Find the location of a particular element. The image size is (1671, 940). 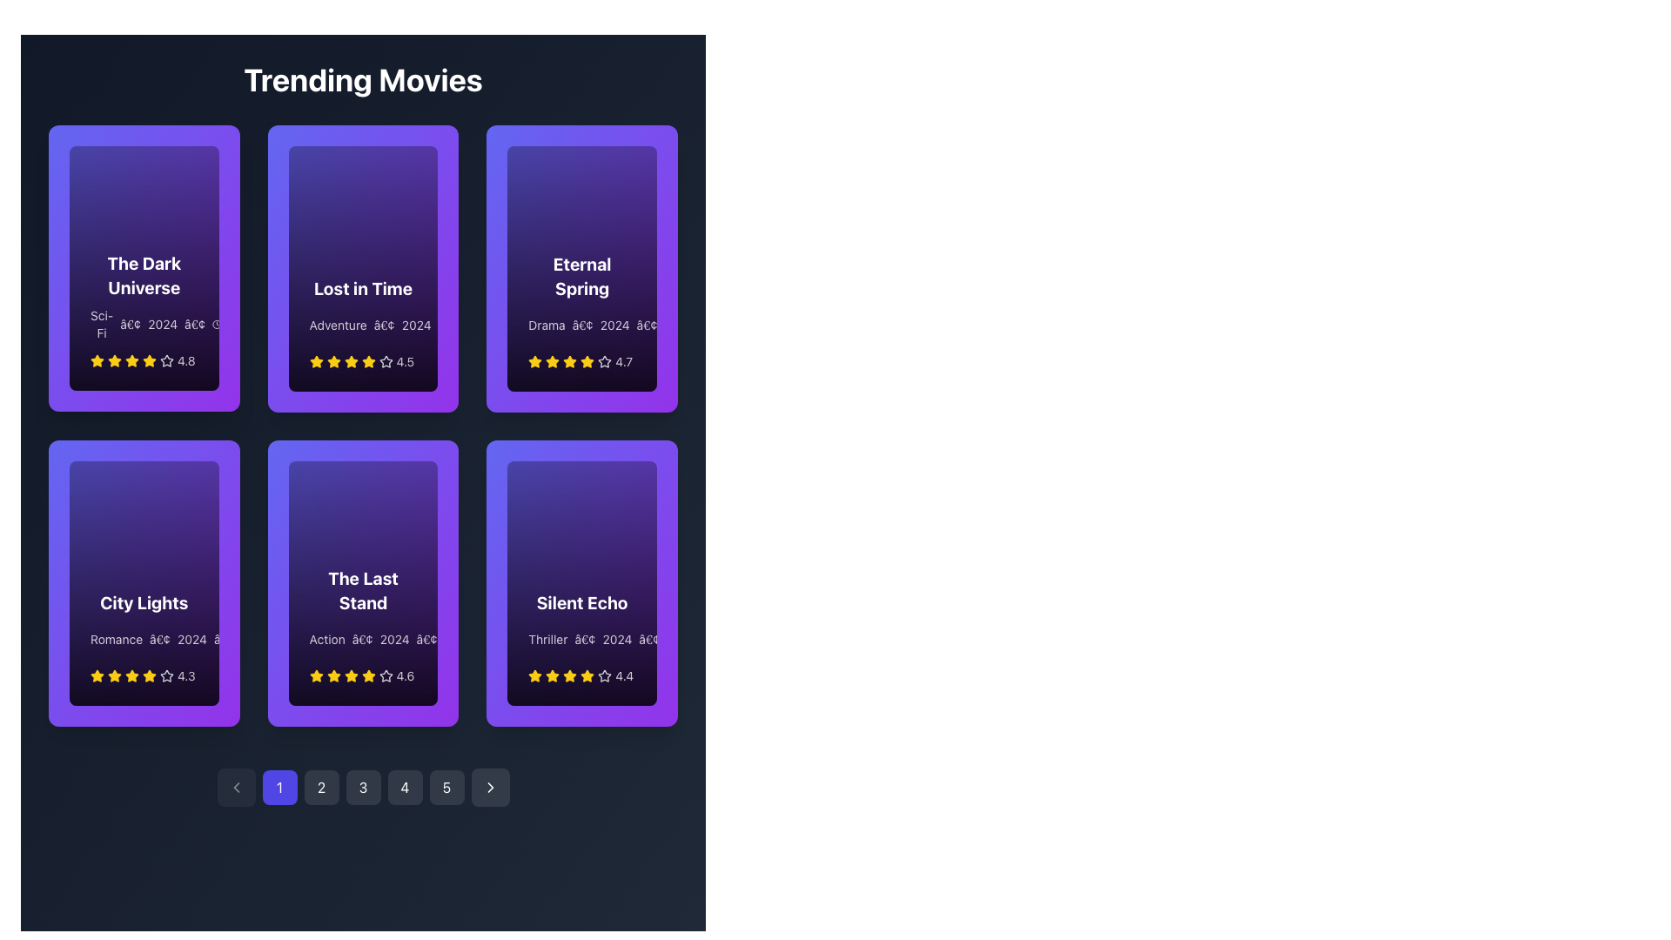

the textual icon/separator that visually separates 'Adventure' and '2024' in the second card of the 'Trending Movies' section is located at coordinates (383, 325).